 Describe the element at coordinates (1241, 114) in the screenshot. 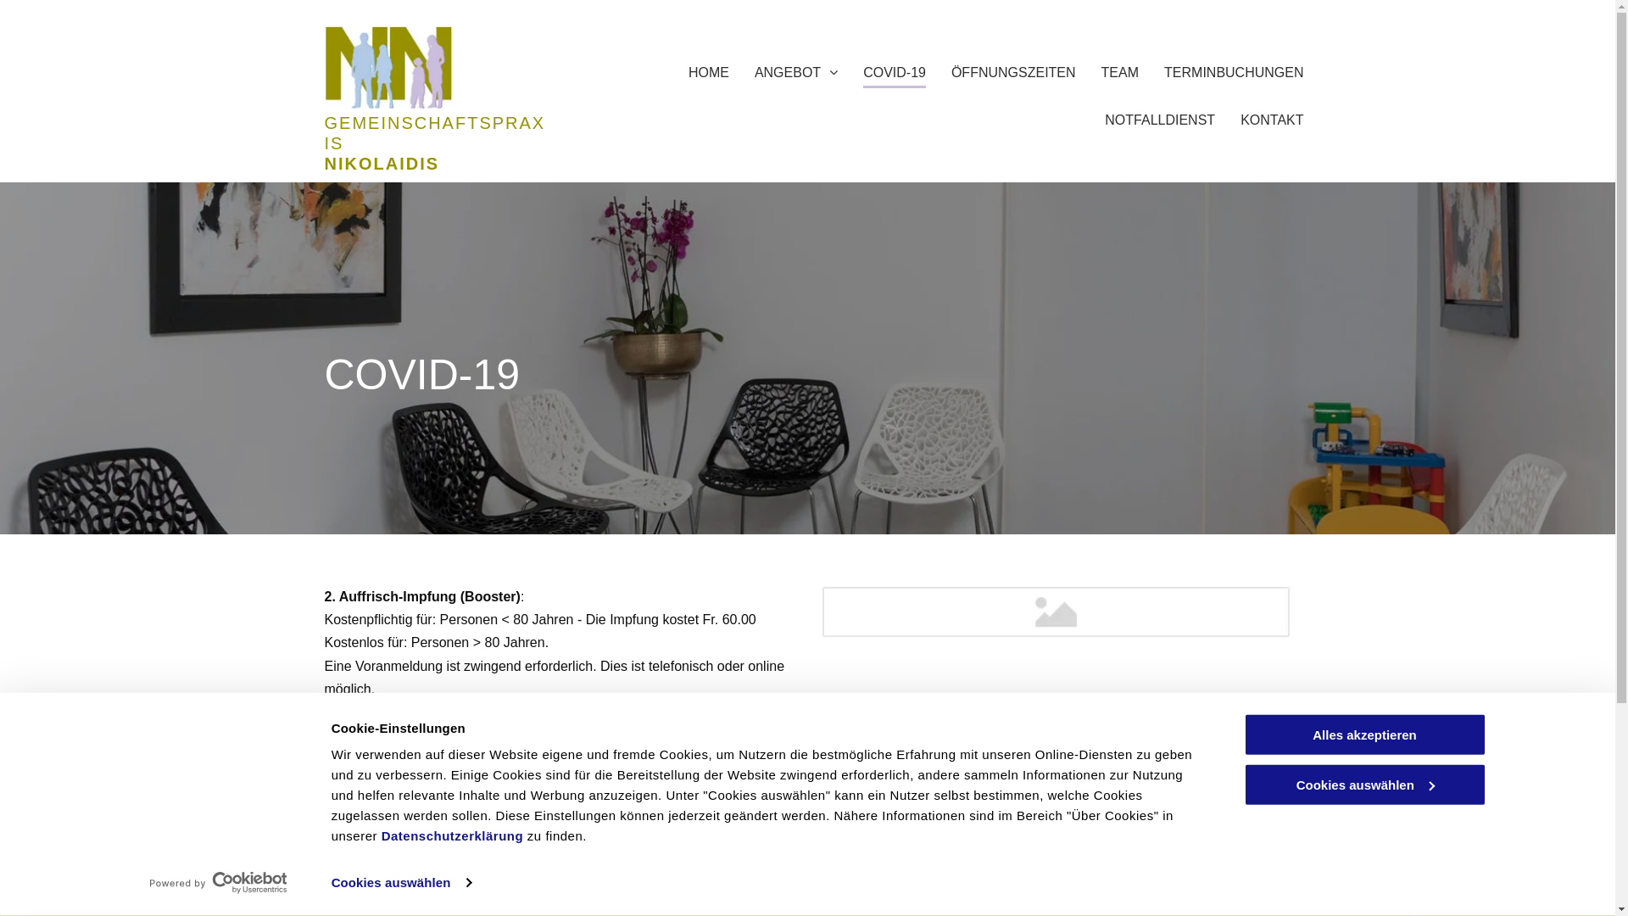

I see `'KONTAKT'` at that location.